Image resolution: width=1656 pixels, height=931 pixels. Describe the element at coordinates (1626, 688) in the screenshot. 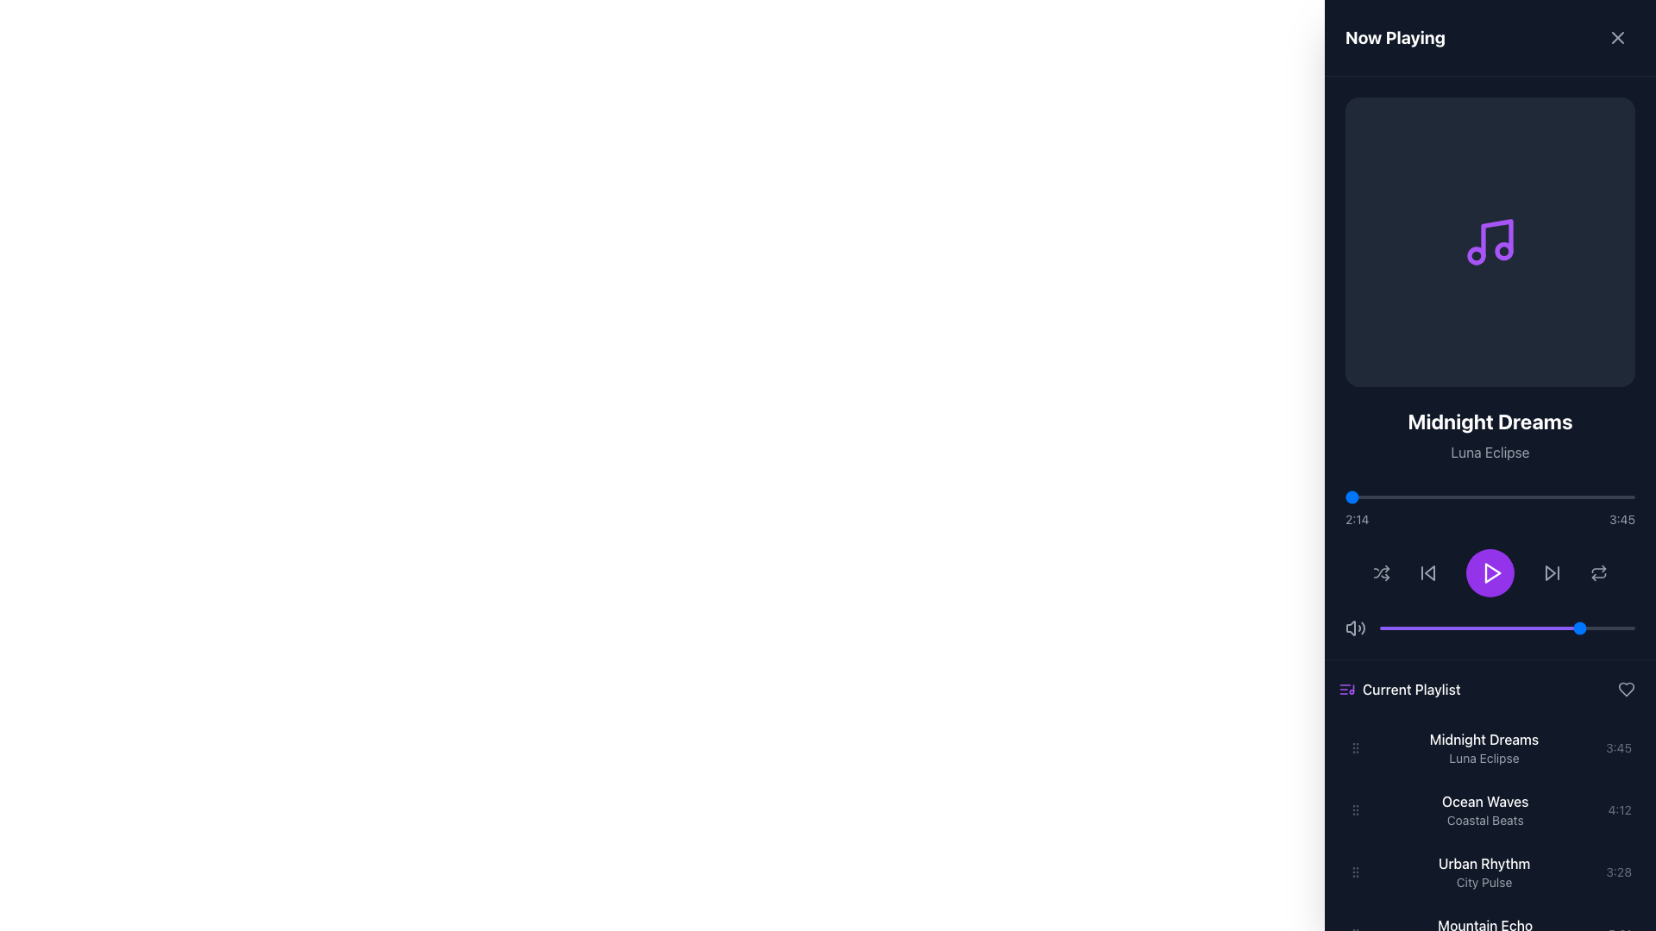

I see `the favorite icon located on the right side of the 'Current Playlist' section to mark or unmark the associated item as a favorite` at that location.